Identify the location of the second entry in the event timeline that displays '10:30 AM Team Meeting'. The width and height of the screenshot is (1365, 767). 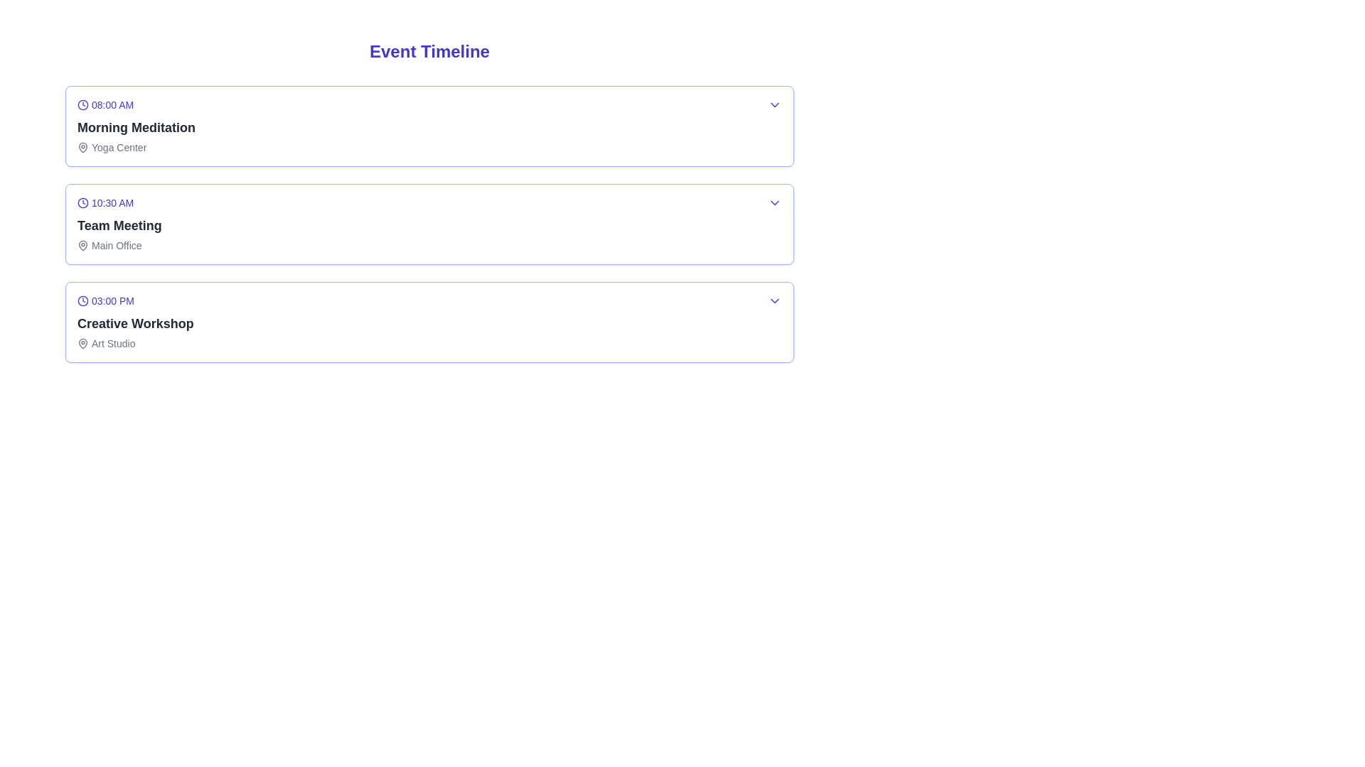
(429, 224).